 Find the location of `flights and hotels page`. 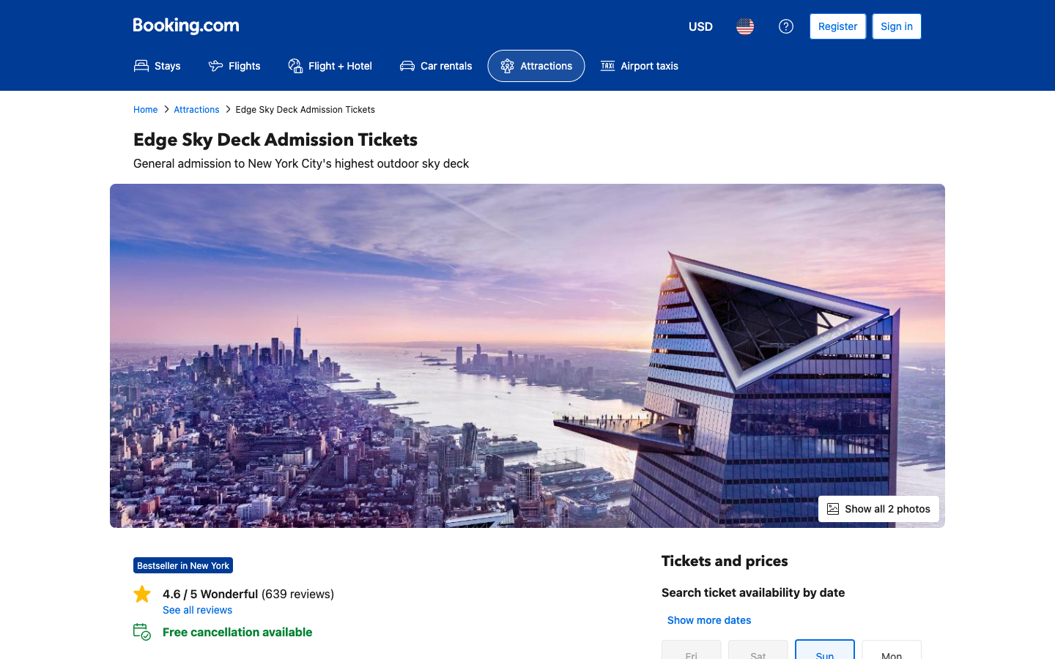

flights and hotels page is located at coordinates (330, 65).